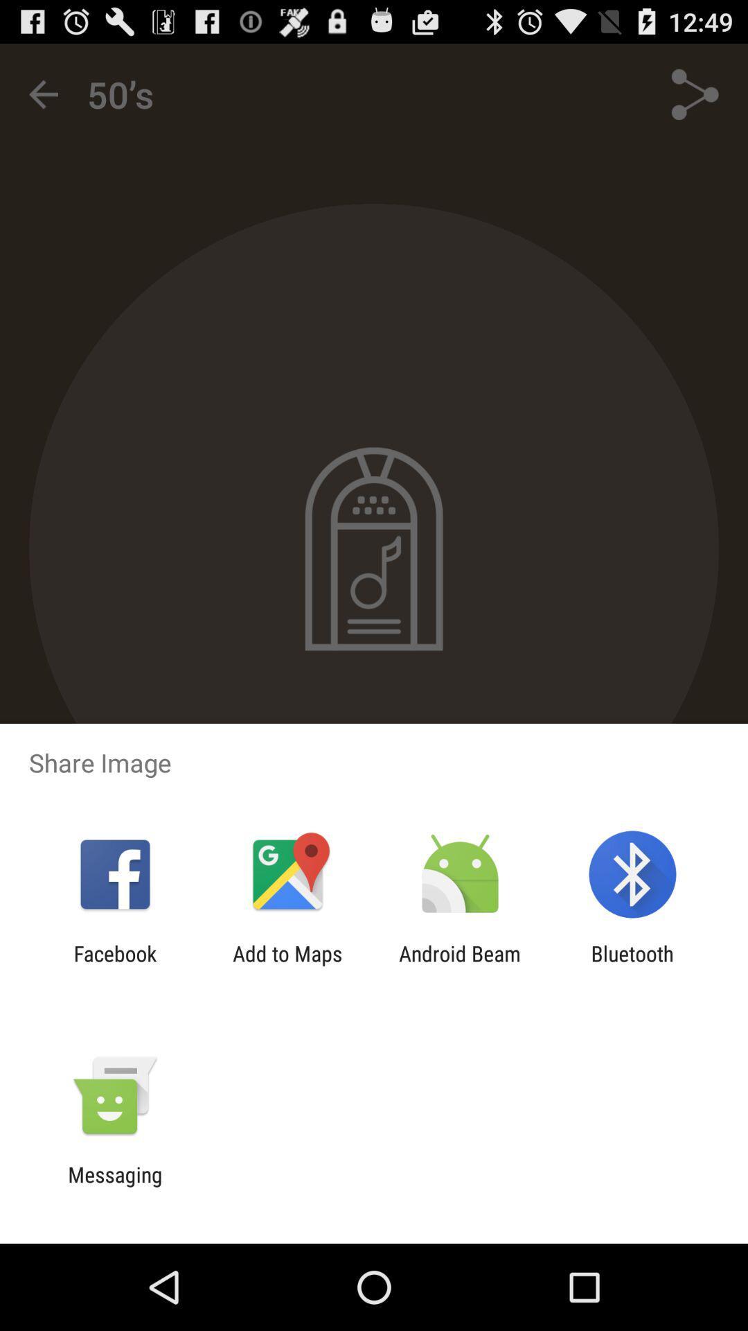  I want to click on the item to the right of add to maps item, so click(460, 965).